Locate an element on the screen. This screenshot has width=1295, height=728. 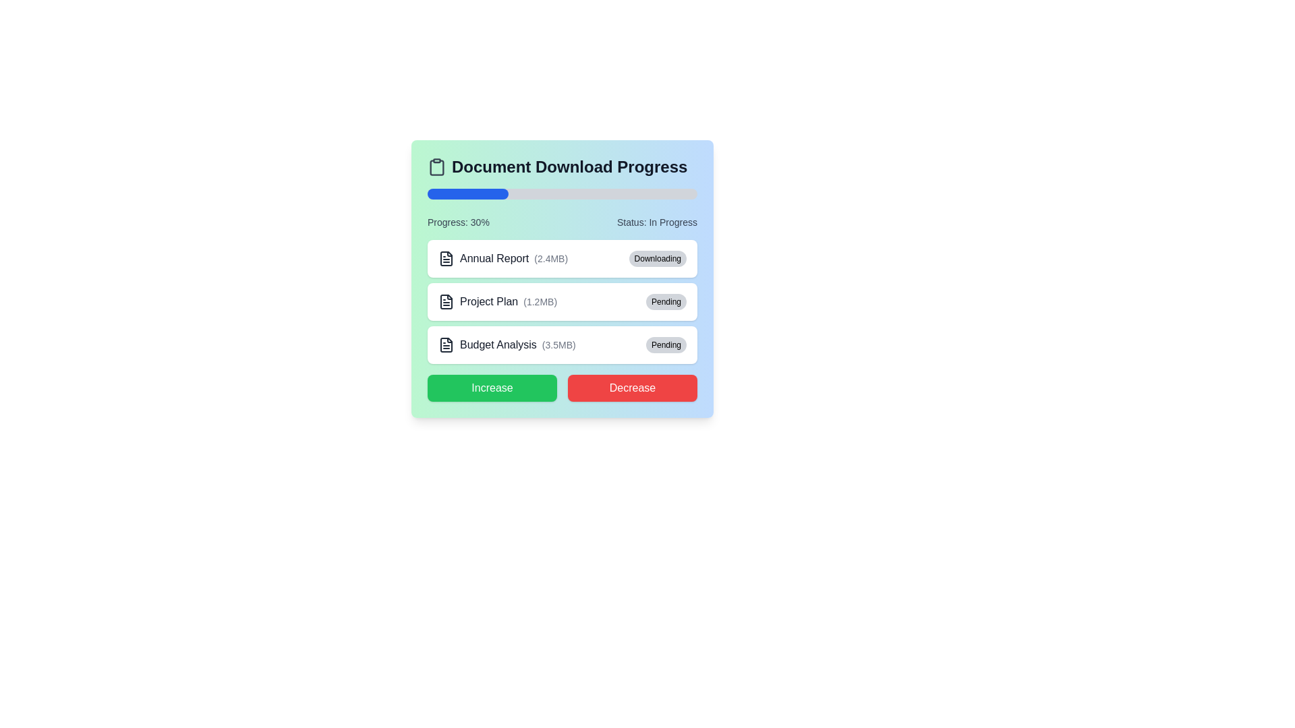
the text label displaying 'Status: In Progress', which is positioned above a group of buttons and aligned to the right of the 'Progress: 30%' text element is located at coordinates (657, 222).